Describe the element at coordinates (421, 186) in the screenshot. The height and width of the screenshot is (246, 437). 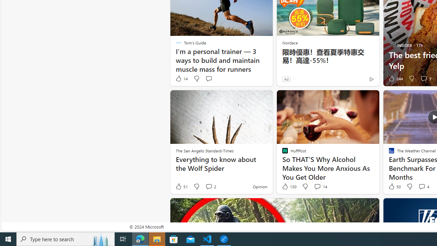
I see `'View comments 4 Comment'` at that location.